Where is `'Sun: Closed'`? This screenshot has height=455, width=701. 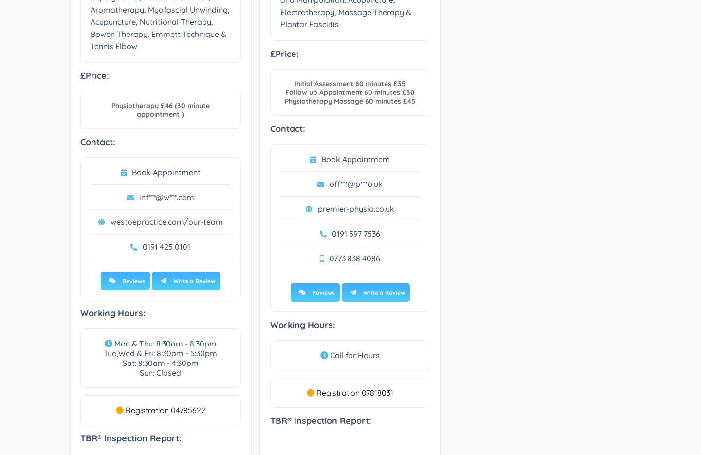
'Sun: Closed' is located at coordinates (139, 372).